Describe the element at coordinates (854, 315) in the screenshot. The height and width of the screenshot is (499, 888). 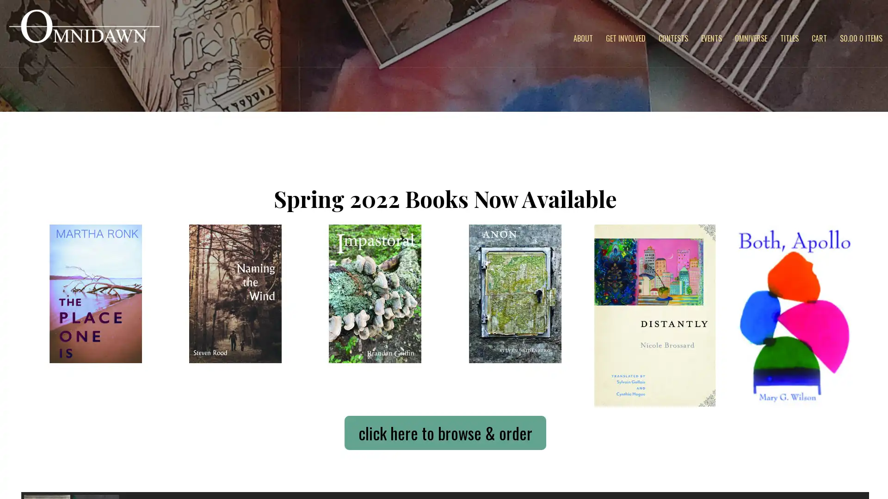
I see `next arrow` at that location.